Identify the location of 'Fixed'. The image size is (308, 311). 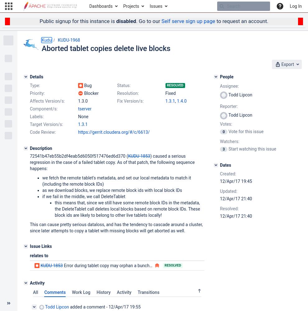
(170, 93).